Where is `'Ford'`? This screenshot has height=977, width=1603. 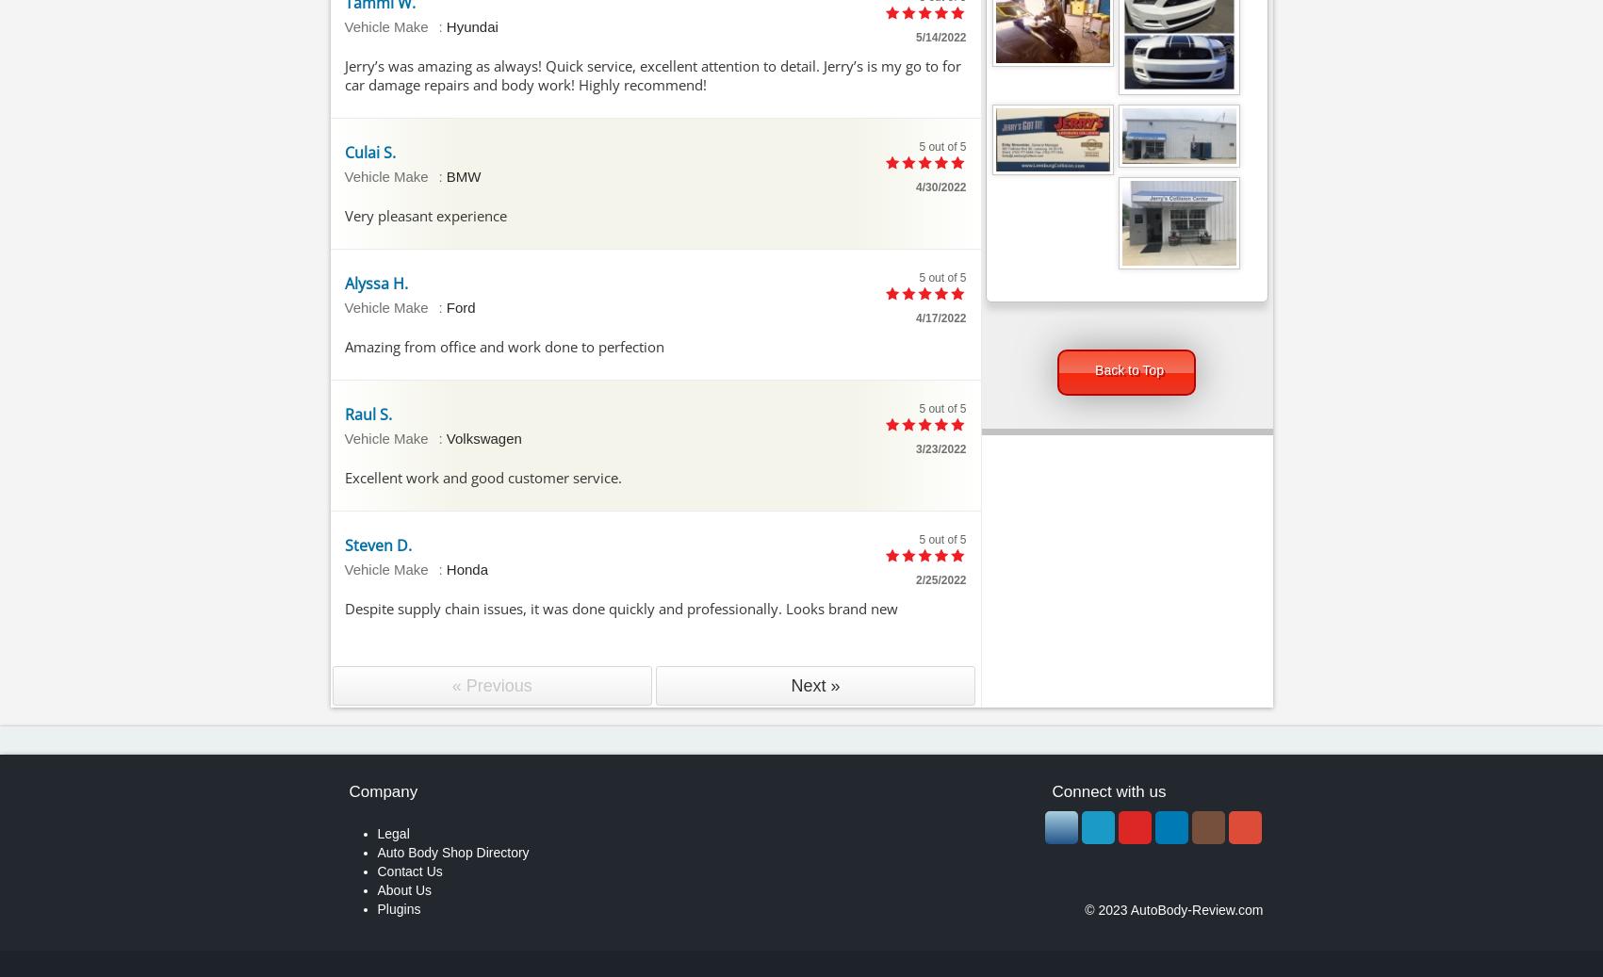 'Ford' is located at coordinates (460, 305).